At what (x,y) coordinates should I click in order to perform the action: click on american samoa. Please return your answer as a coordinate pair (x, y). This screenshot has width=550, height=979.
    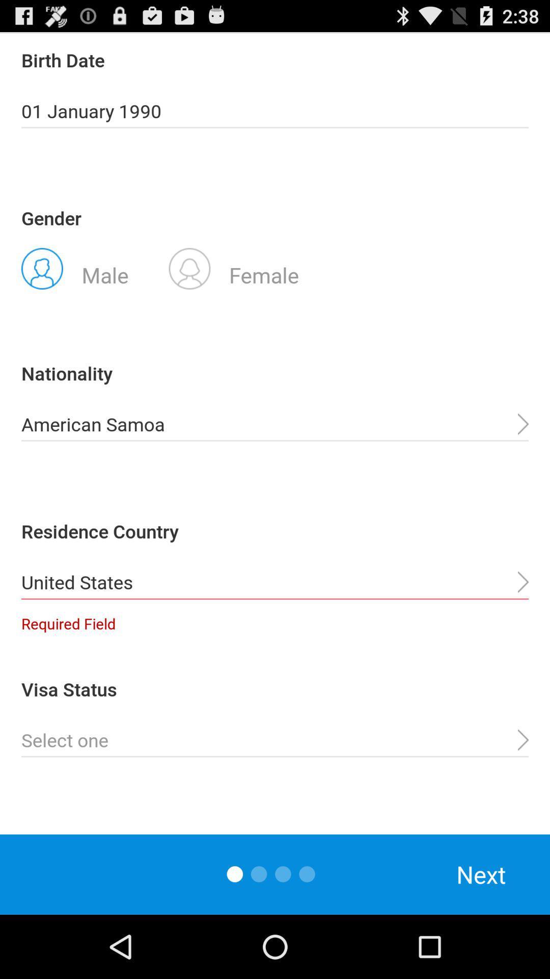
    Looking at the image, I should click on (275, 424).